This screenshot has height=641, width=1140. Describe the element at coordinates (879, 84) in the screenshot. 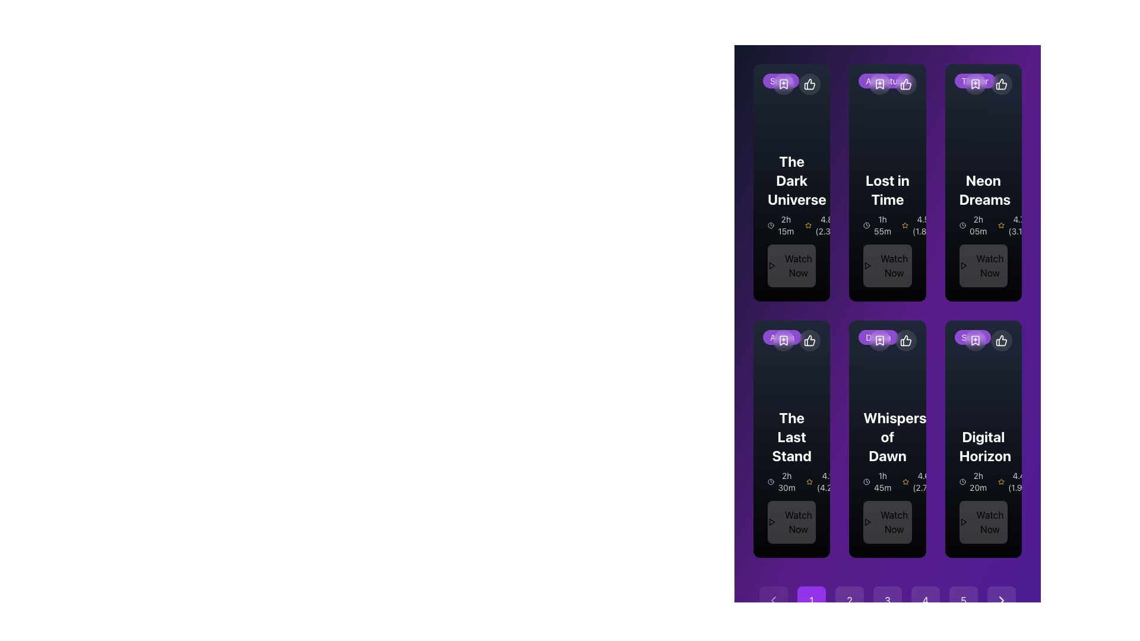

I see `the bookmark button located at the top-right corner of the card titled 'Lost in Time'` at that location.